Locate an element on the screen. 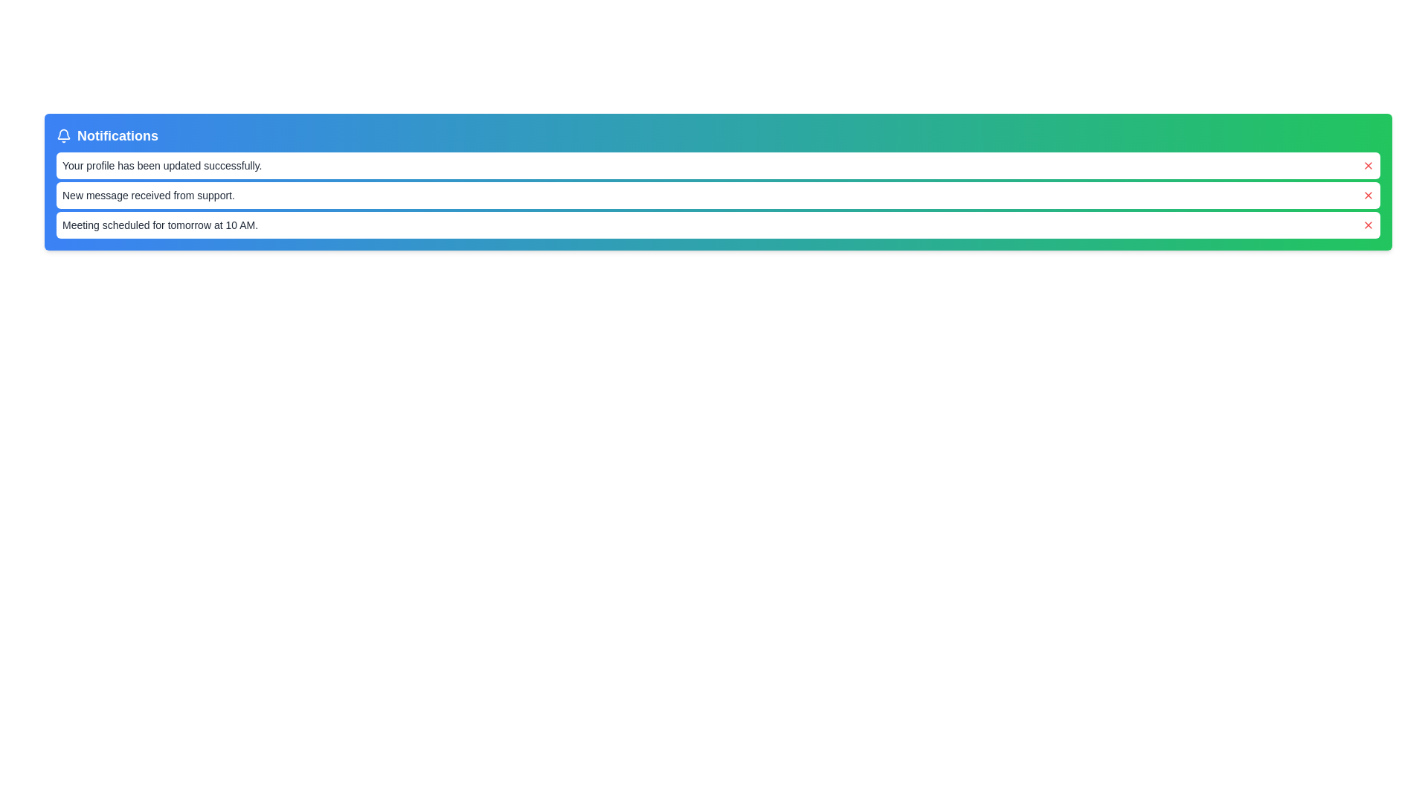 The height and width of the screenshot is (803, 1428). the Notification card with dismiss action that provides a notification about a scheduled meeting, positioned as the third notification in the vertical list is located at coordinates (718, 225).